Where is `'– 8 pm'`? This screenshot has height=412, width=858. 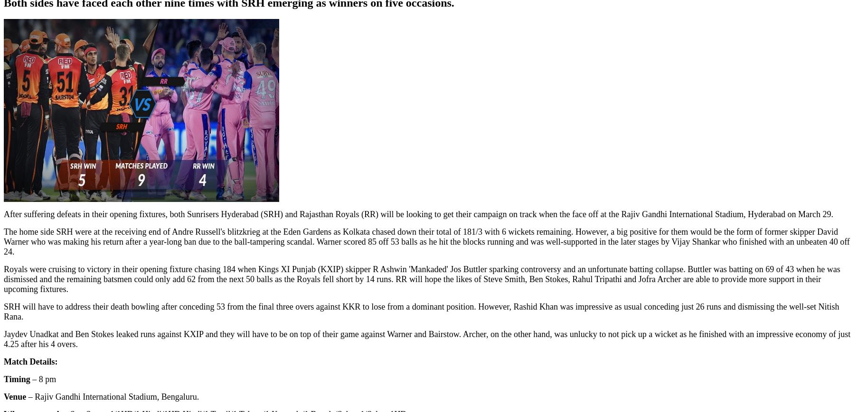 '– 8 pm' is located at coordinates (42, 379).